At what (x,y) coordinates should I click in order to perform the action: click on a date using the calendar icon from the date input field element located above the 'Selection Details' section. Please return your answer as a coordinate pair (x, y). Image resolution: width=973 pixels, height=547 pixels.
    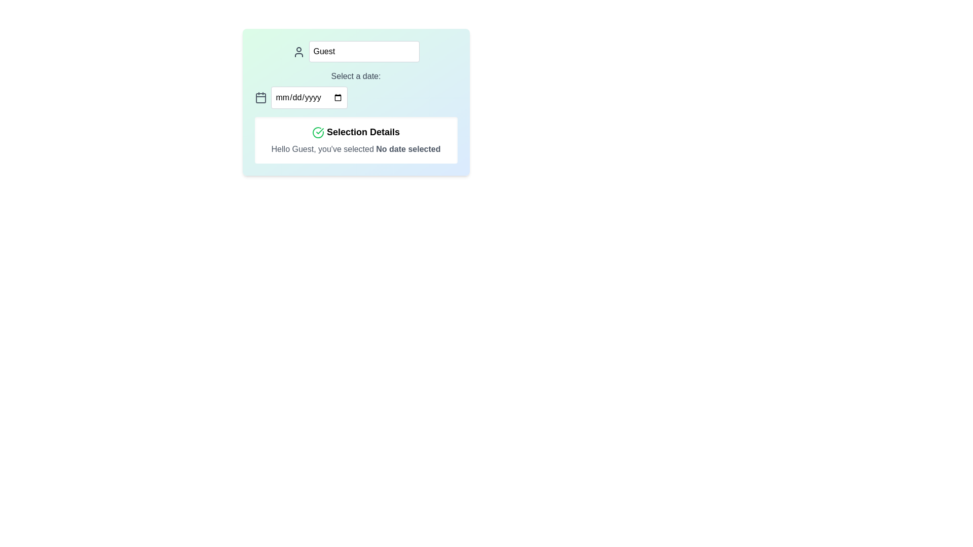
    Looking at the image, I should click on (356, 89).